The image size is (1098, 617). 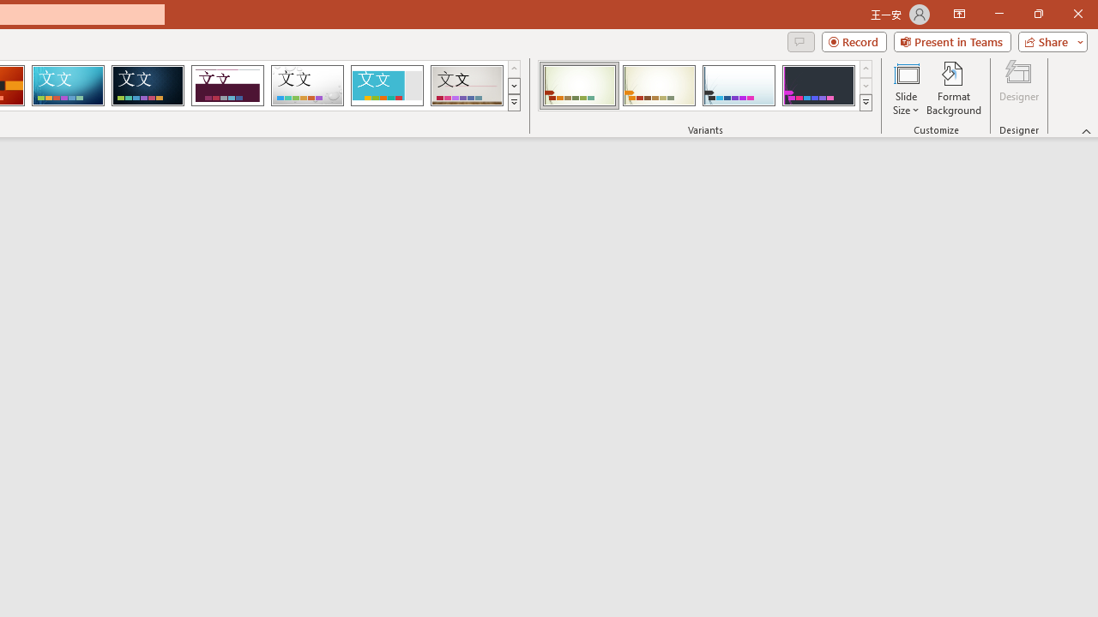 What do you see at coordinates (68, 86) in the screenshot?
I see `'Circuit Loading Preview...'` at bounding box center [68, 86].